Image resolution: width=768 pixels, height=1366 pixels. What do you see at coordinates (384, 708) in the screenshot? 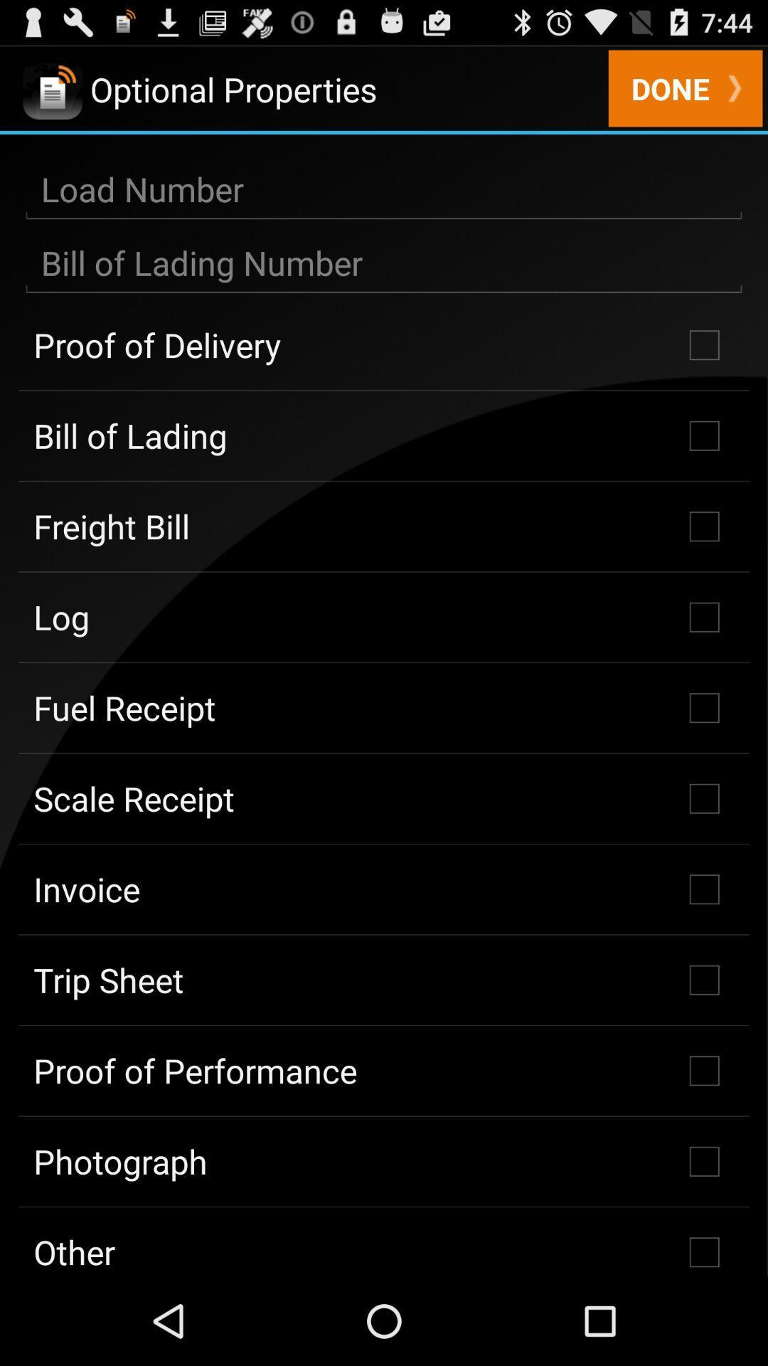
I see `icon below the log` at bounding box center [384, 708].